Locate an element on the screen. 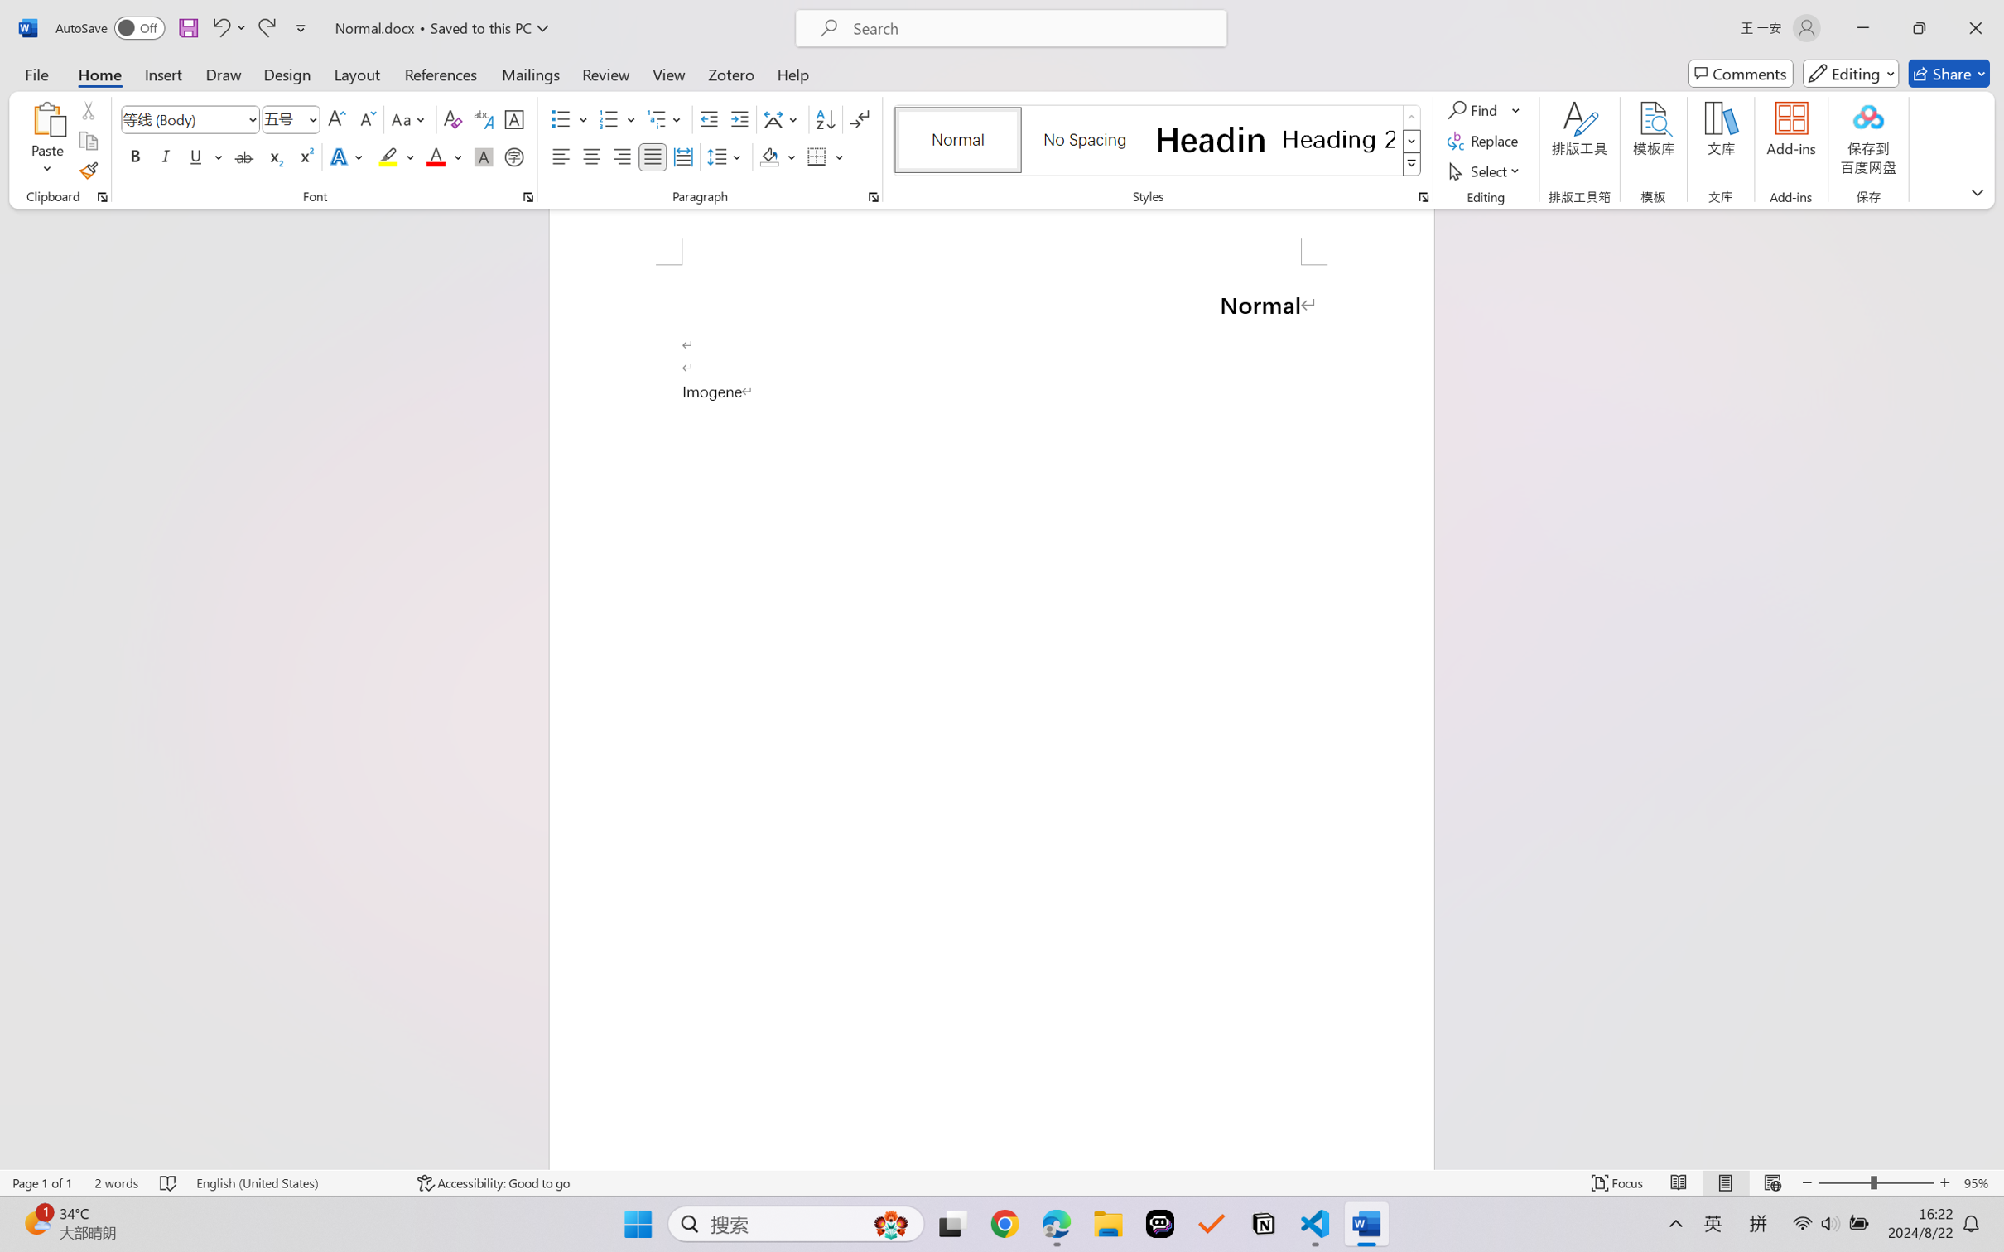 The width and height of the screenshot is (2004, 1252). 'Superscript' is located at coordinates (304, 156).